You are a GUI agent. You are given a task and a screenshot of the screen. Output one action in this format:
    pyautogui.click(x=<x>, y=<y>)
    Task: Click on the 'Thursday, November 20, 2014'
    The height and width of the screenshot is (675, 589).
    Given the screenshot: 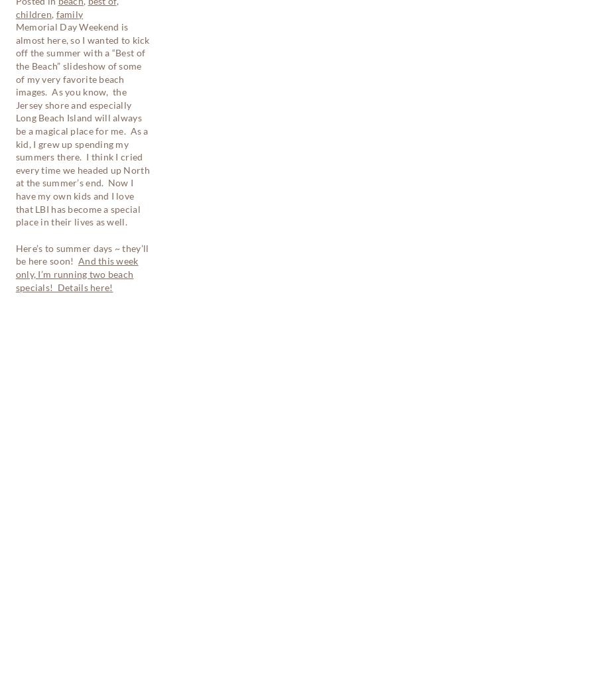 What is the action you would take?
    pyautogui.click(x=18, y=313)
    